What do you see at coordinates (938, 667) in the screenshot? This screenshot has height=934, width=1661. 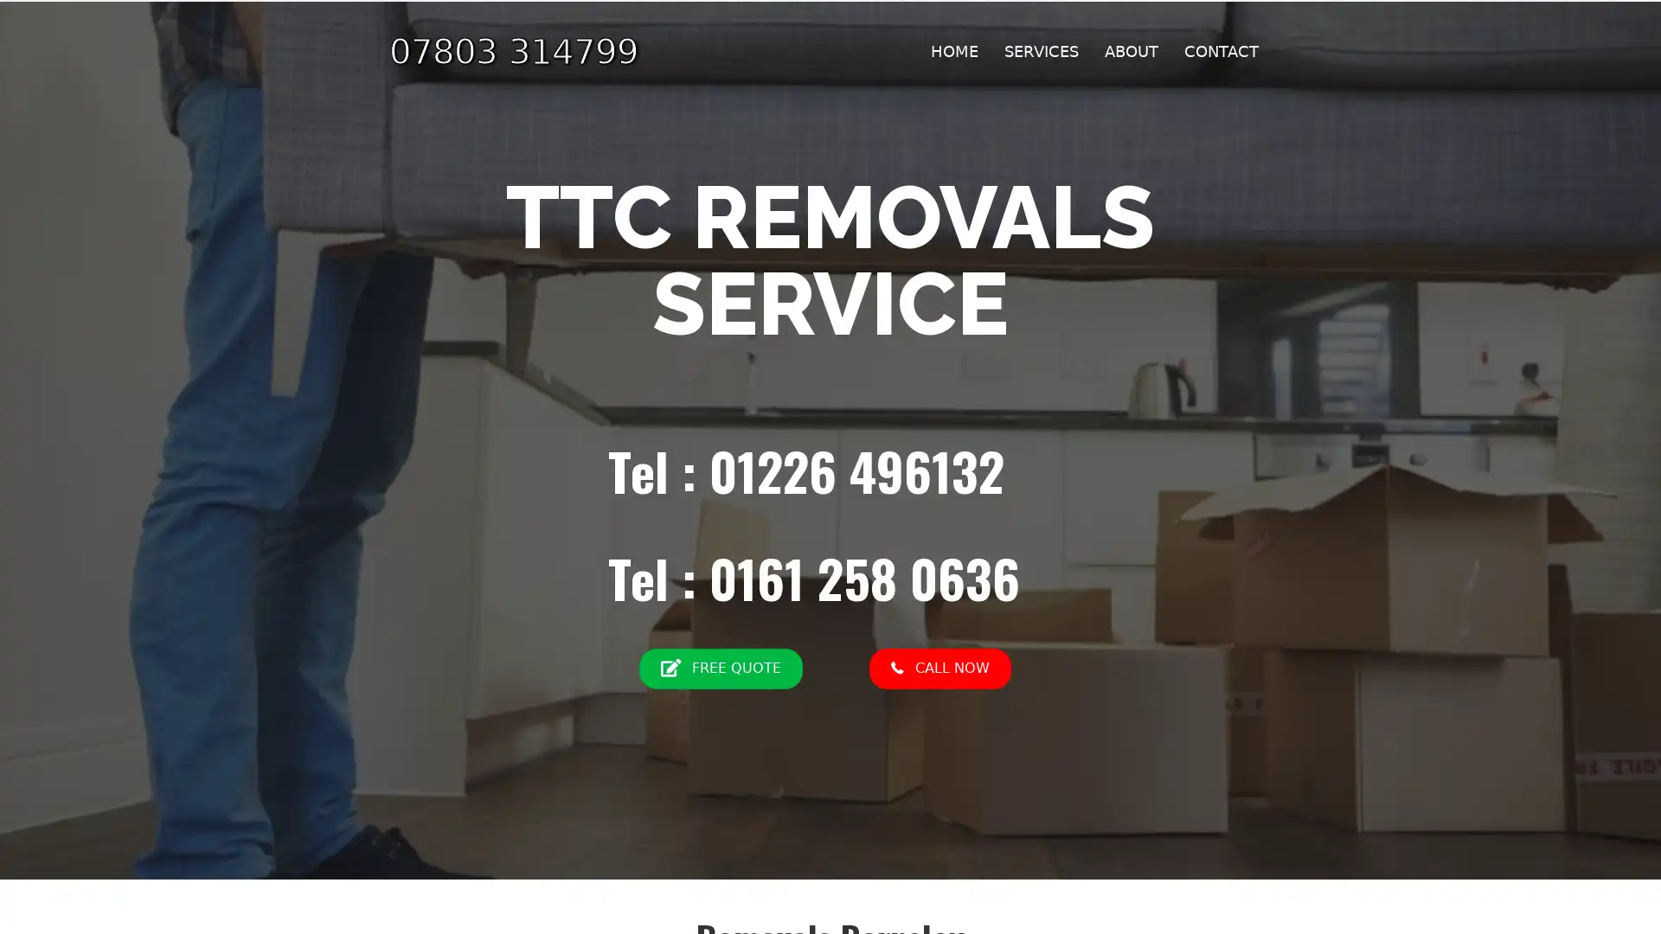 I see `CALL NOW` at bounding box center [938, 667].